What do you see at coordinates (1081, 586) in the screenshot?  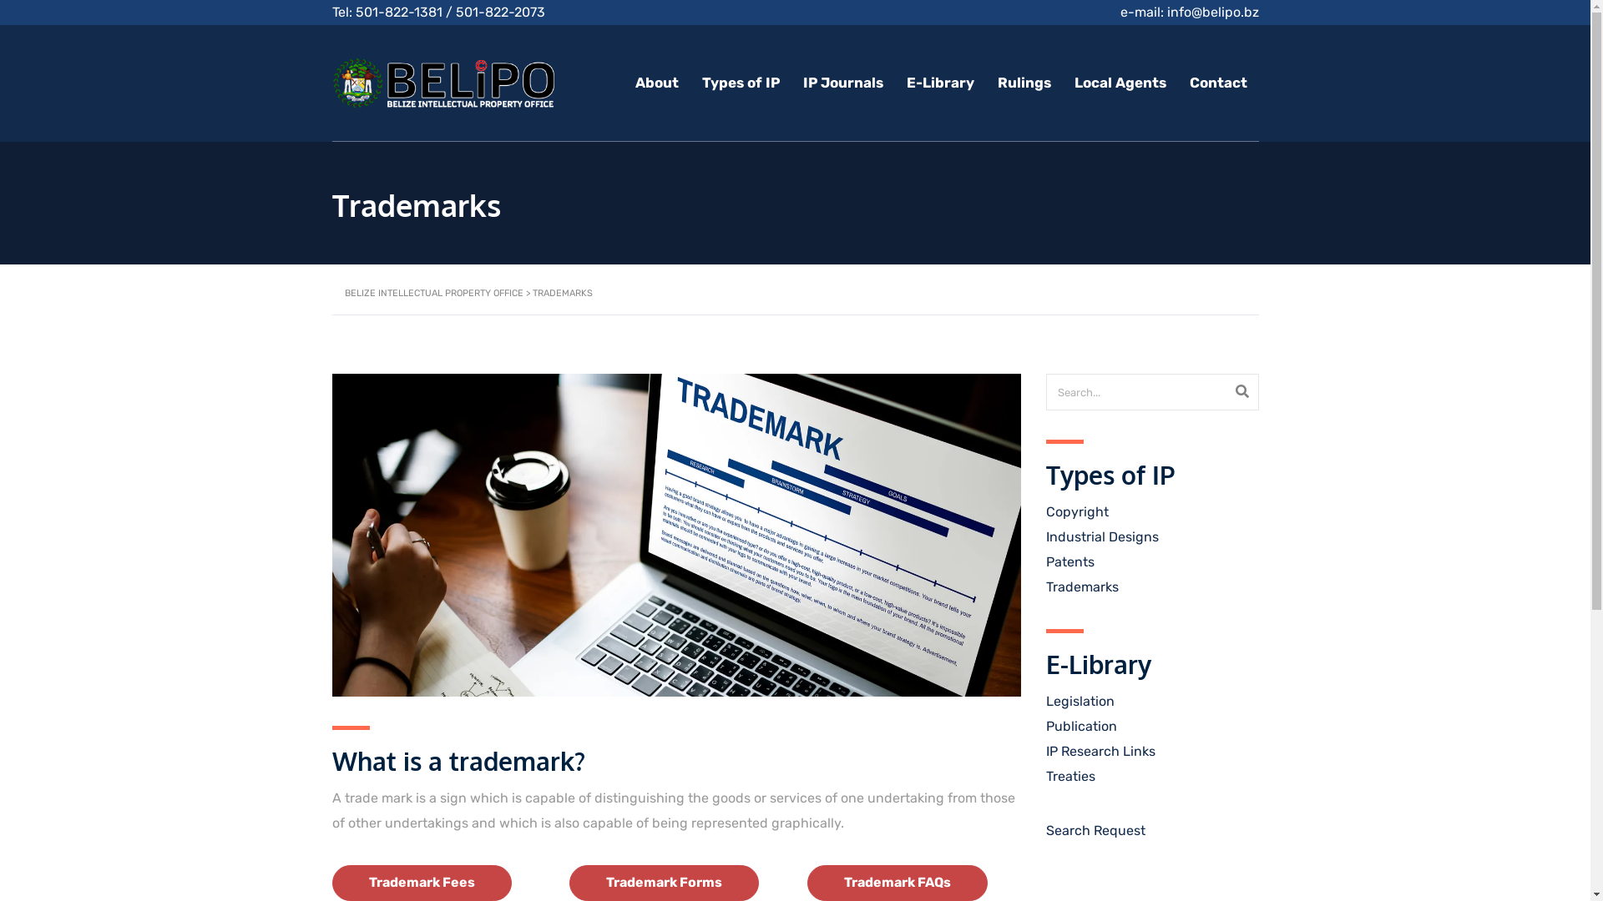 I see `'Trademarks'` at bounding box center [1081, 586].